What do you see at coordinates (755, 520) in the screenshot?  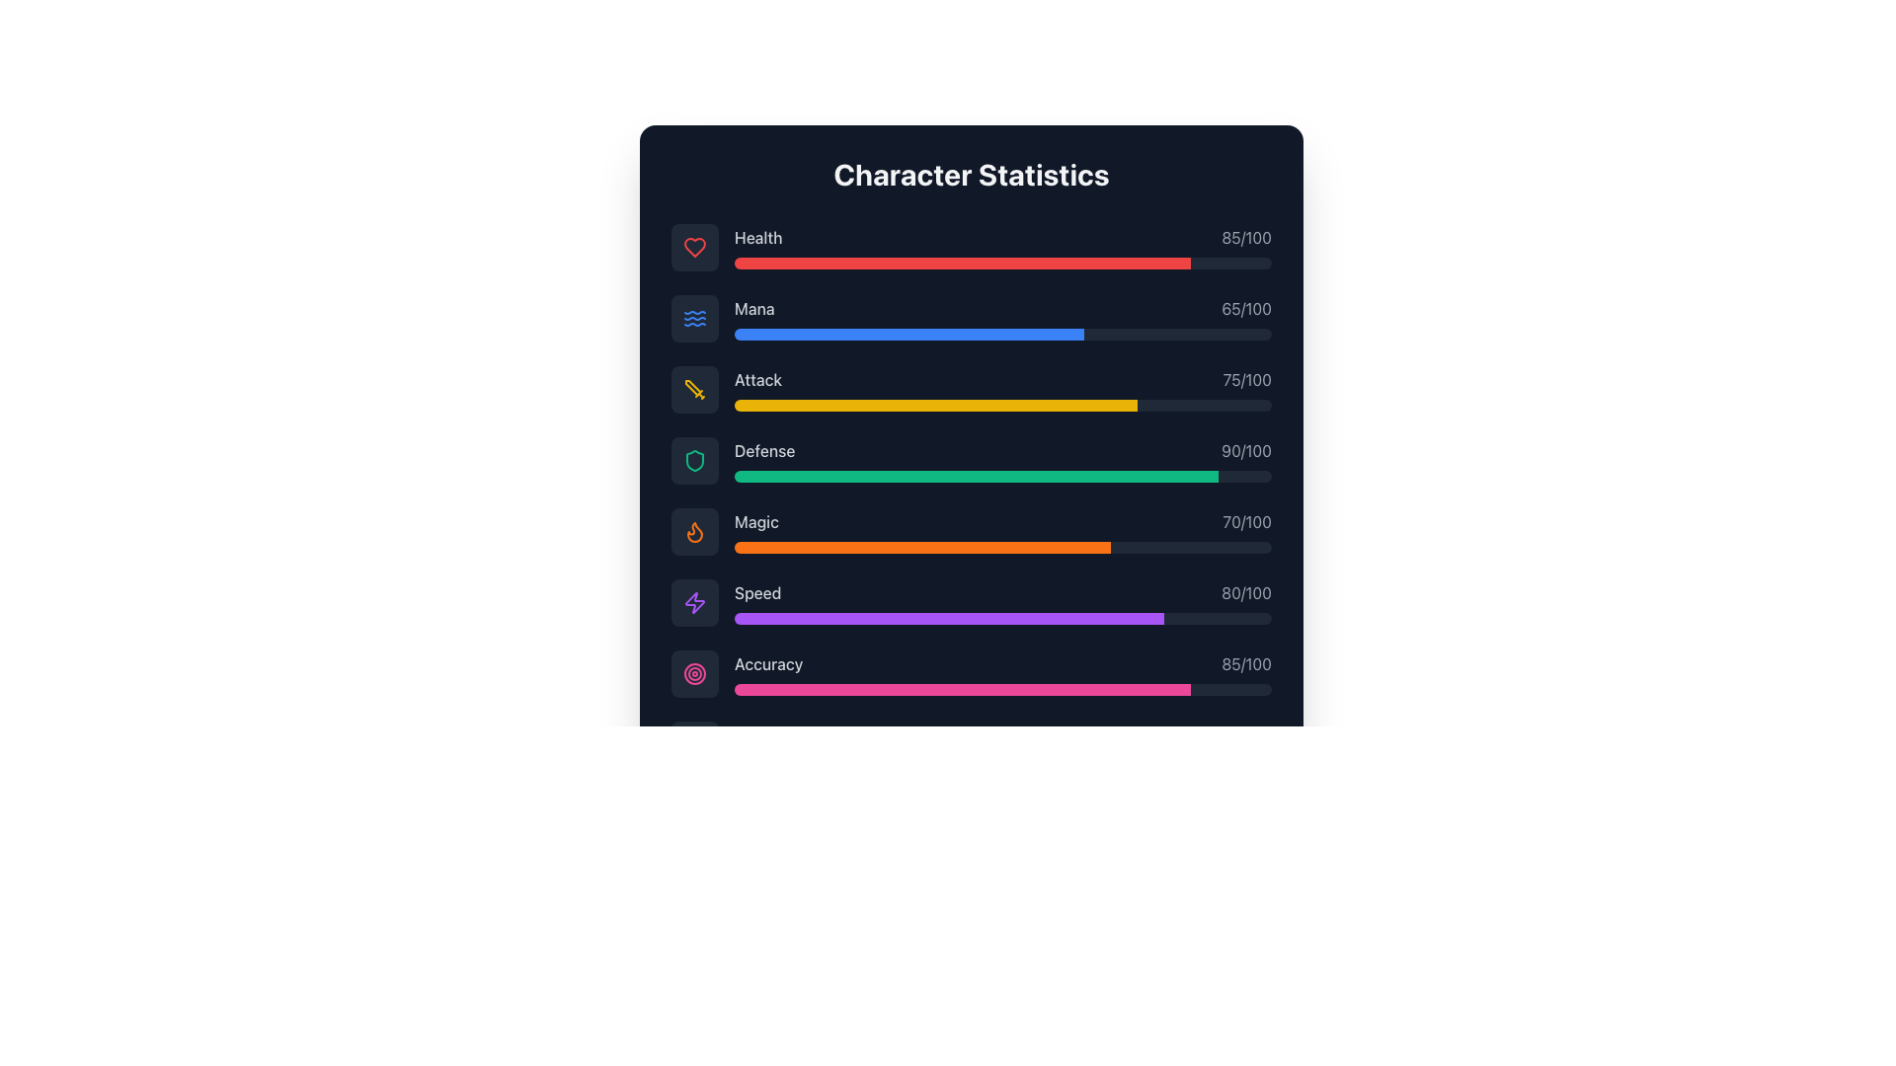 I see `the 'Magic' statistic label, which is the fifth entry in the vertical list of character statistics, located between 'Defense' and 'Speed'` at bounding box center [755, 520].